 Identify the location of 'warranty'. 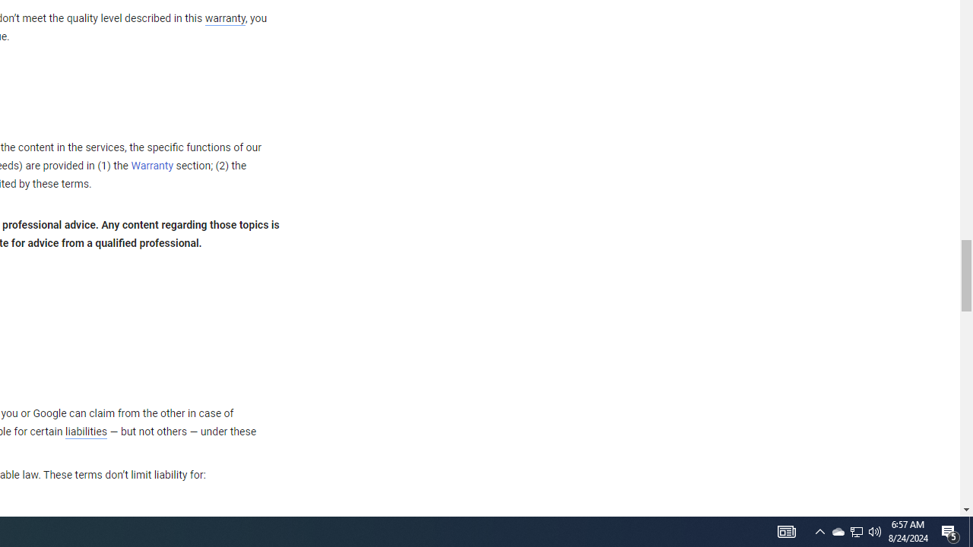
(223, 19).